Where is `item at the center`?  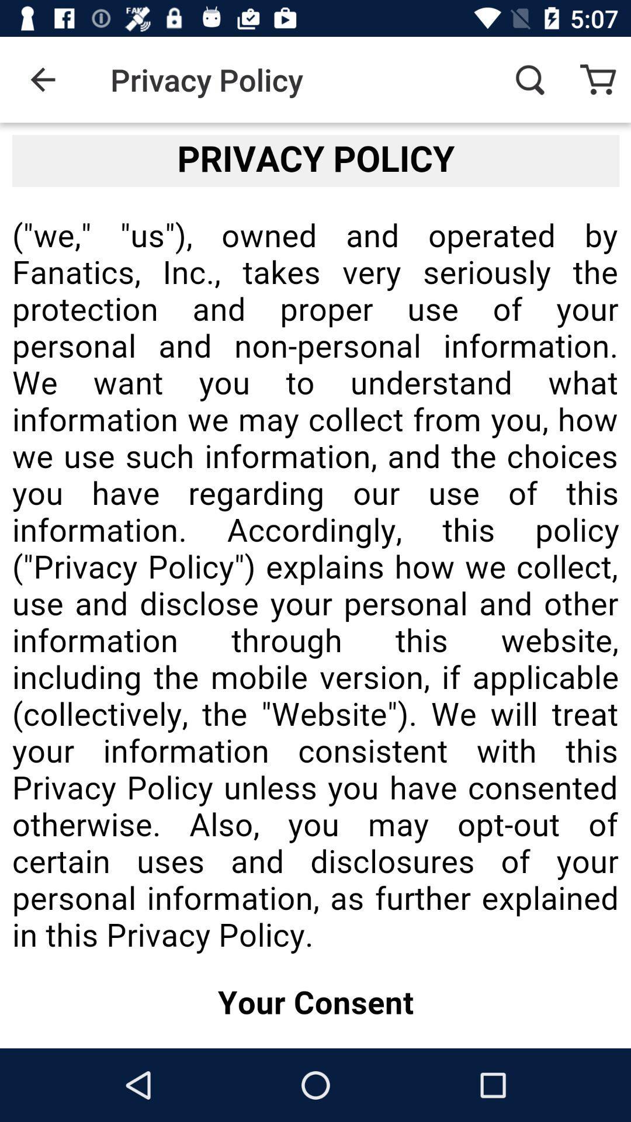 item at the center is located at coordinates (315, 586).